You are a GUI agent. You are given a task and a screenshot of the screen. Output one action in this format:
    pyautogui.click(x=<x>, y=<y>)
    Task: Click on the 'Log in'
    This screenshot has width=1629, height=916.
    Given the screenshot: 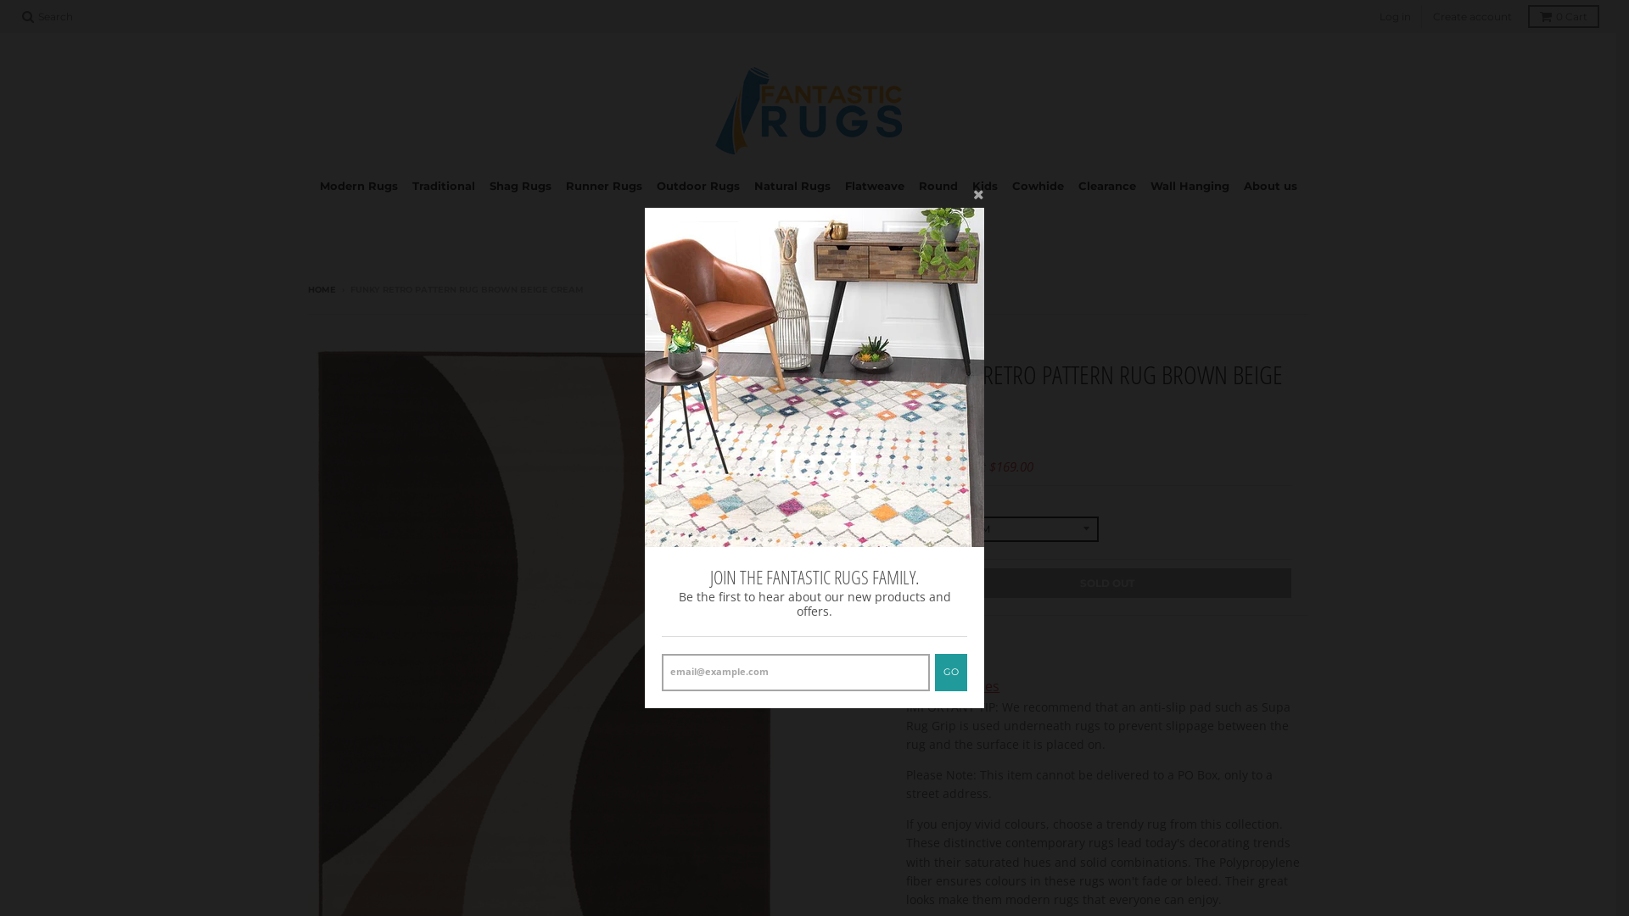 What is the action you would take?
    pyautogui.click(x=1374, y=16)
    